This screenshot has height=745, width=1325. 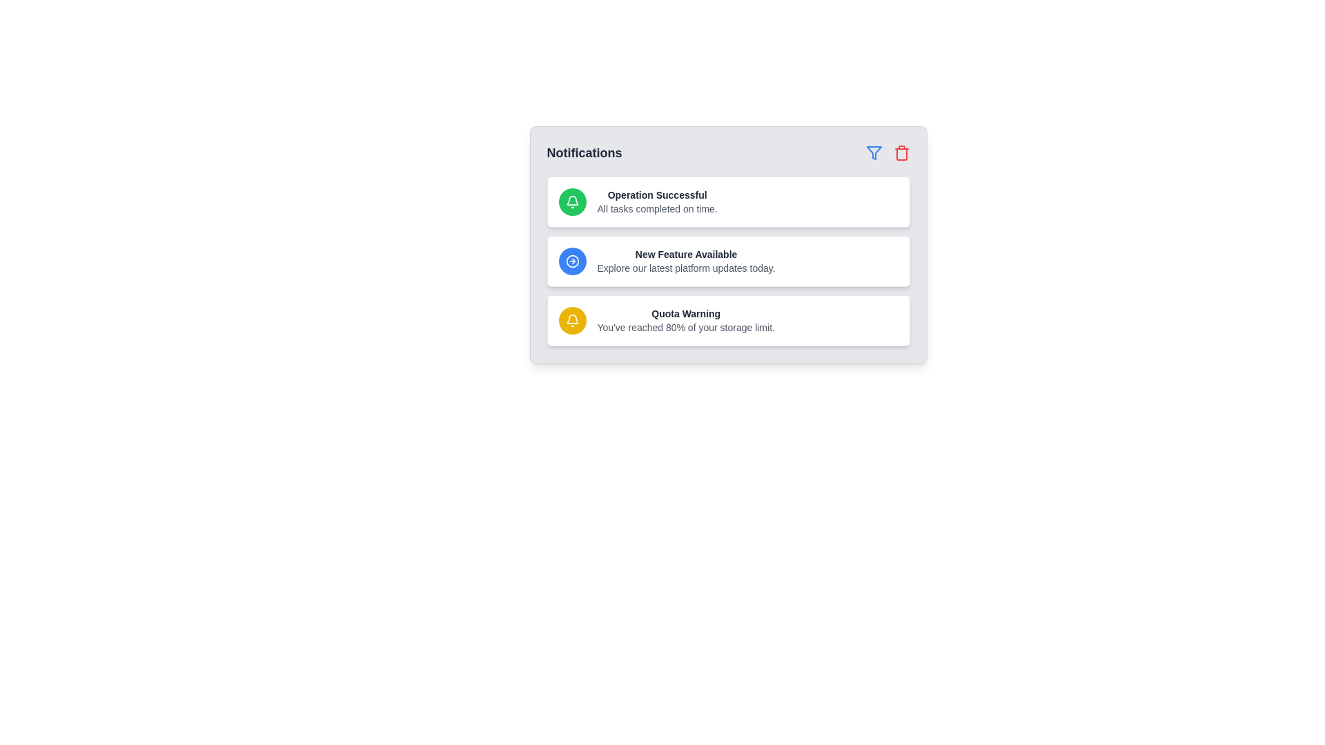 I want to click on the notification displayed in the first notification card, which features a green bell icon and the text 'Operation Successful', so click(x=727, y=202).